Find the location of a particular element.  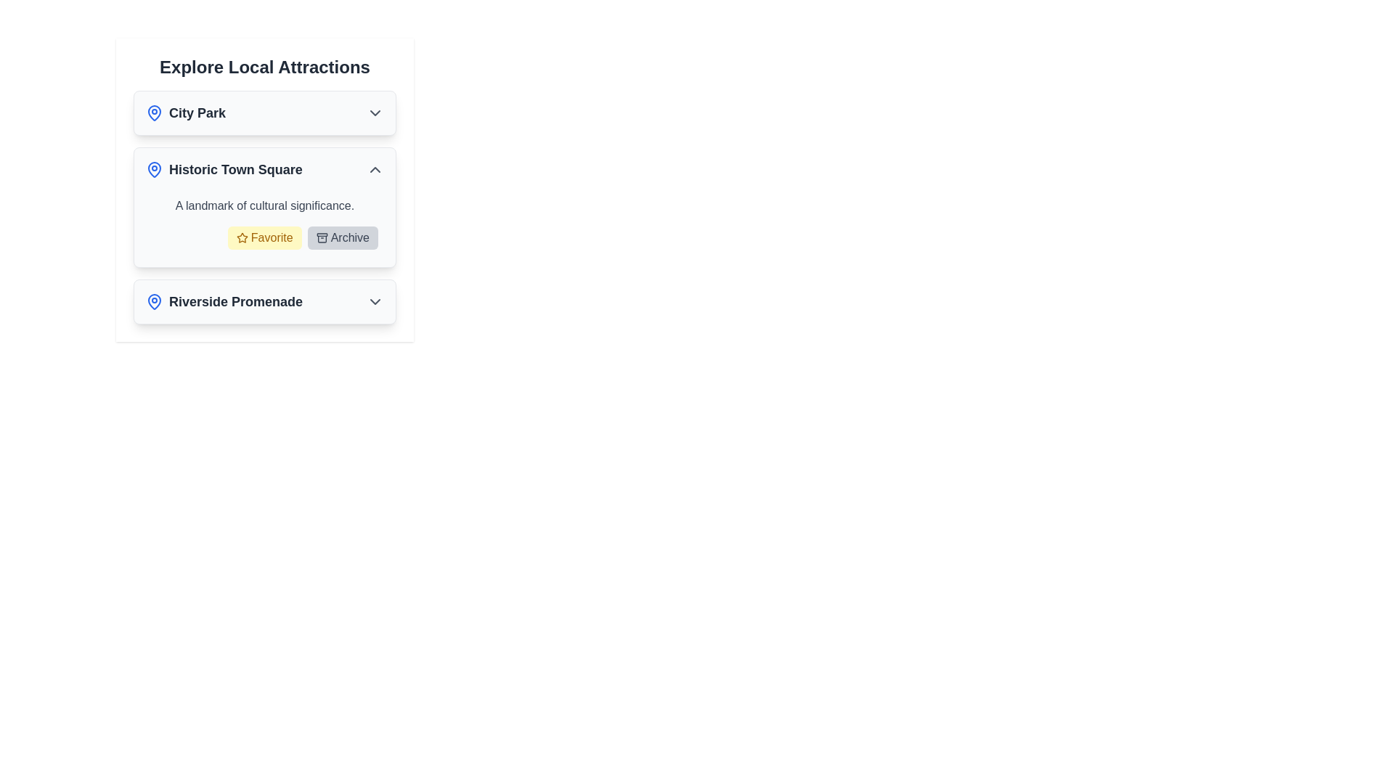

the 'Riverside Promenade' label with icon, which is the third entry in the list of local attractions is located at coordinates (224, 301).